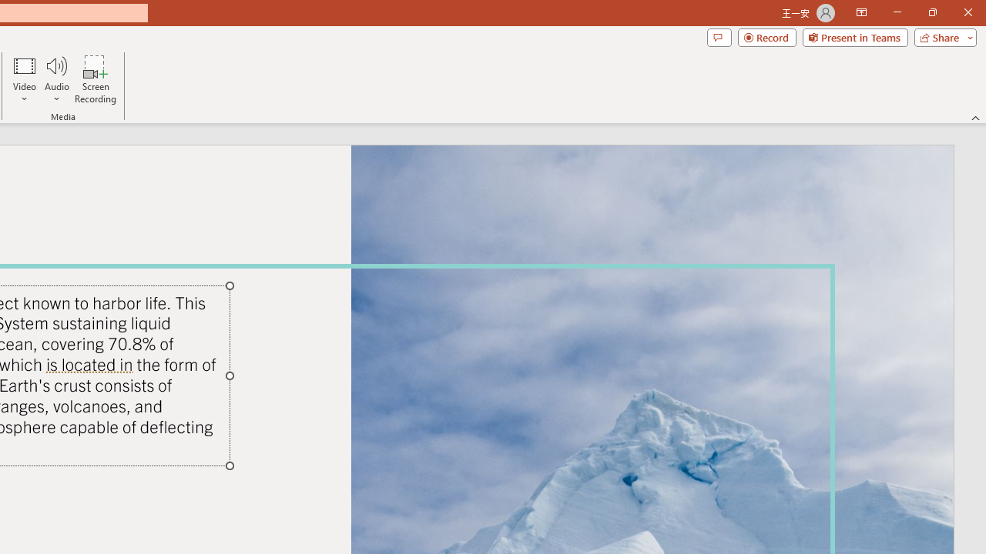 The width and height of the screenshot is (986, 554). What do you see at coordinates (931, 12) in the screenshot?
I see `'Restore Down'` at bounding box center [931, 12].